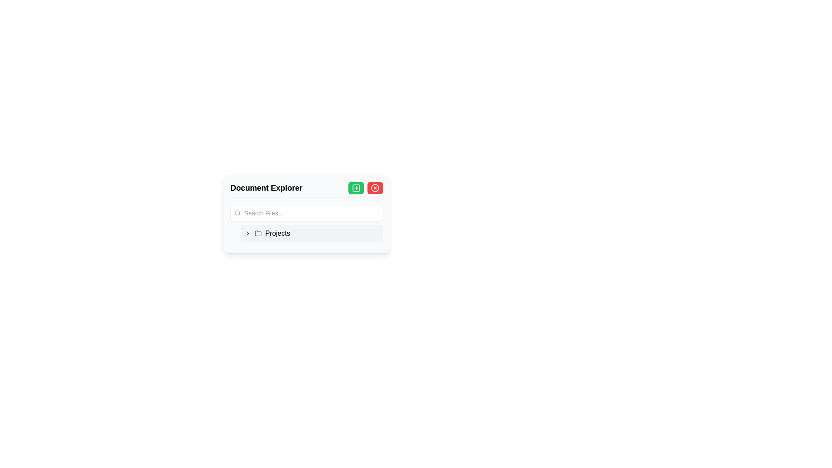 This screenshot has width=832, height=468. Describe the element at coordinates (375, 188) in the screenshot. I see `the red circular icon button with a white border located in the top-right of the 'Document Explorer' section` at that location.